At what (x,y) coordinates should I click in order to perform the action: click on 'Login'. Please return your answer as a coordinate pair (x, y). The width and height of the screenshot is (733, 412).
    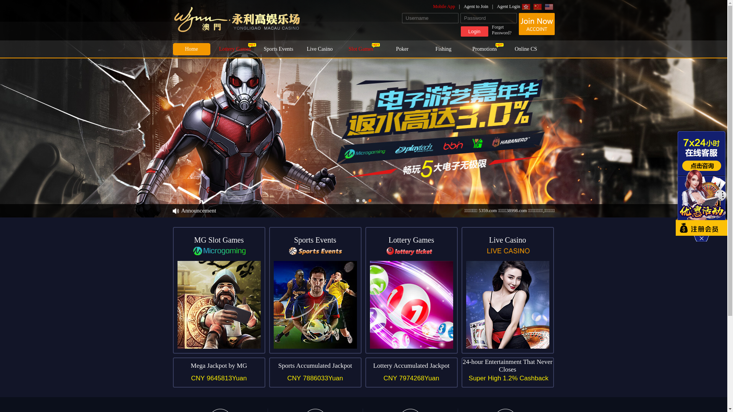
    Looking at the image, I should click on (474, 31).